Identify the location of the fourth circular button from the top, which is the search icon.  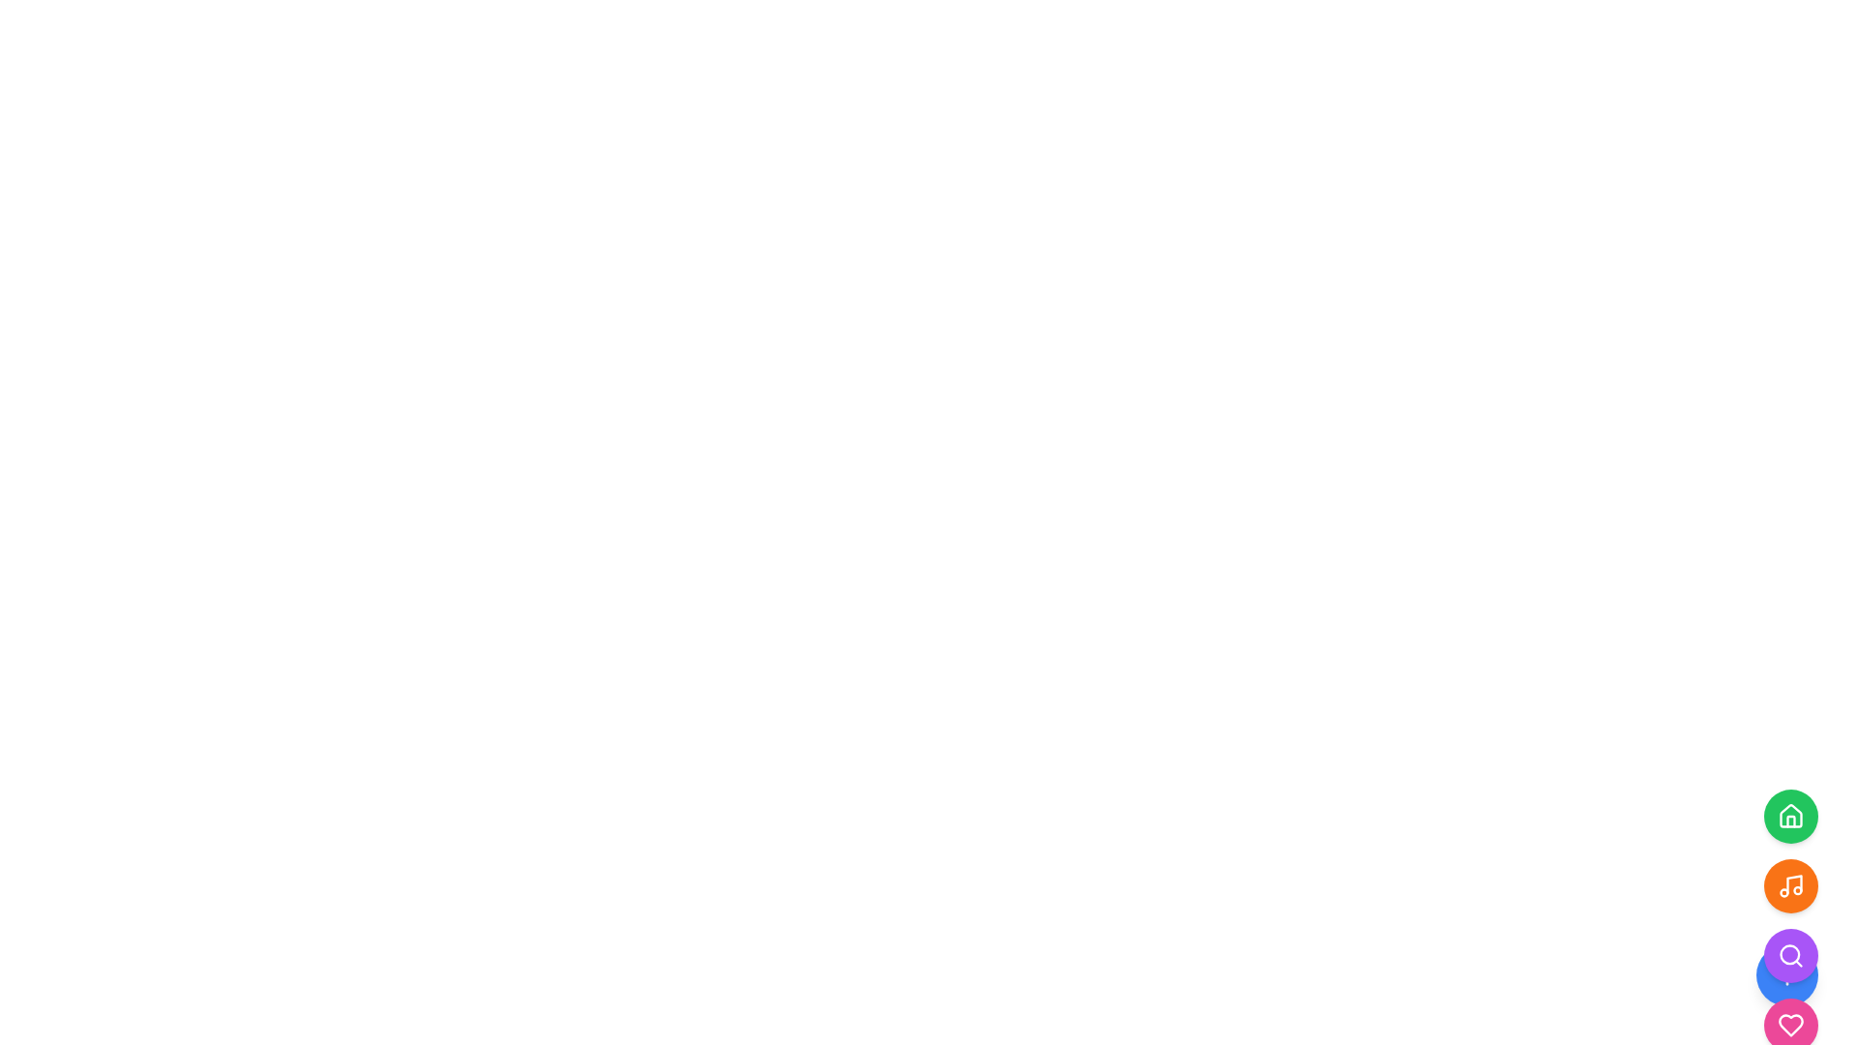
(1790, 954).